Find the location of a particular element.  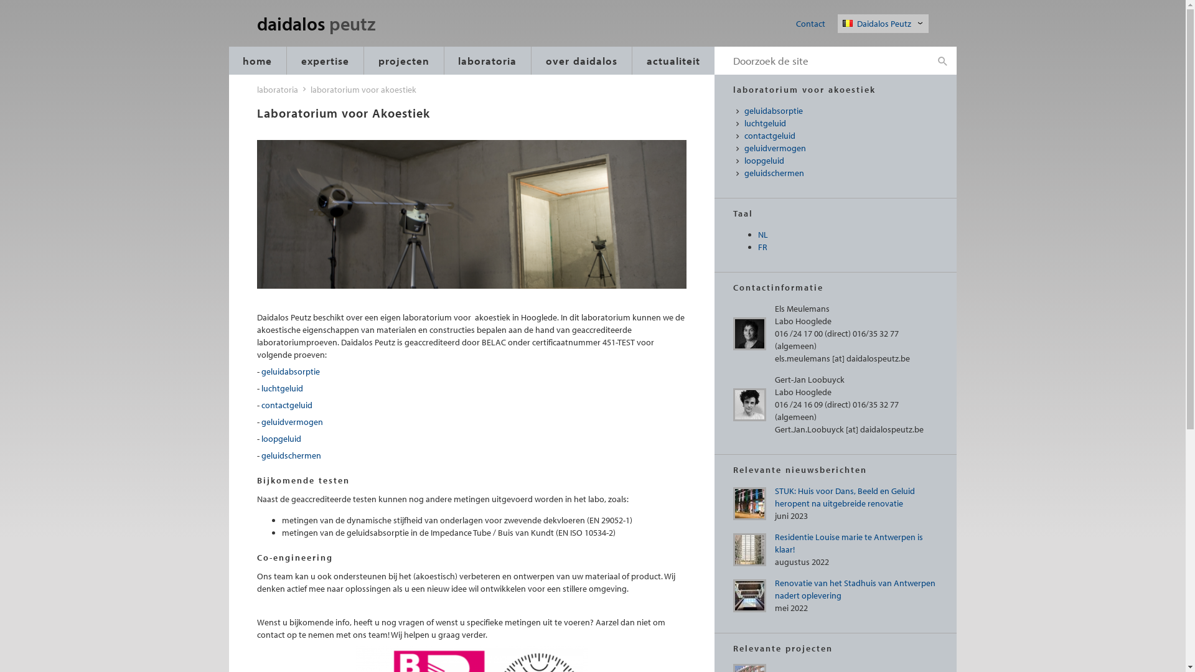

'actualiteit' is located at coordinates (672, 60).